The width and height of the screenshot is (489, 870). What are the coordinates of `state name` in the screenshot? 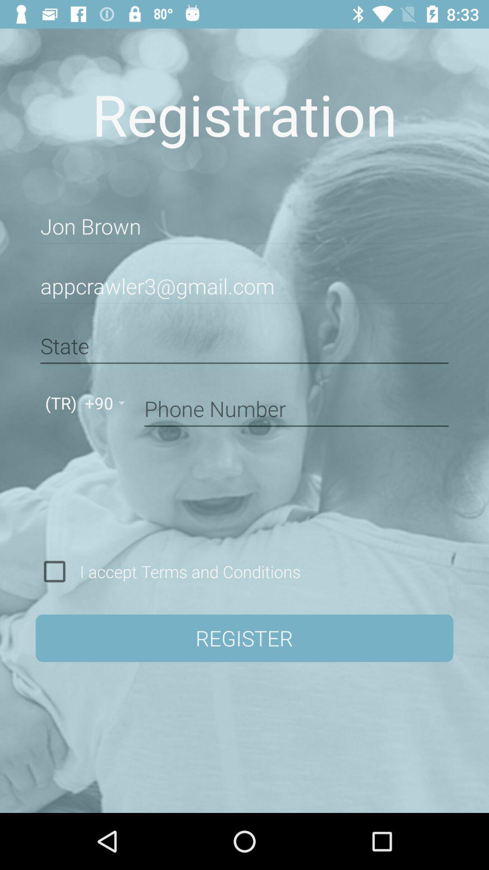 It's located at (244, 346).